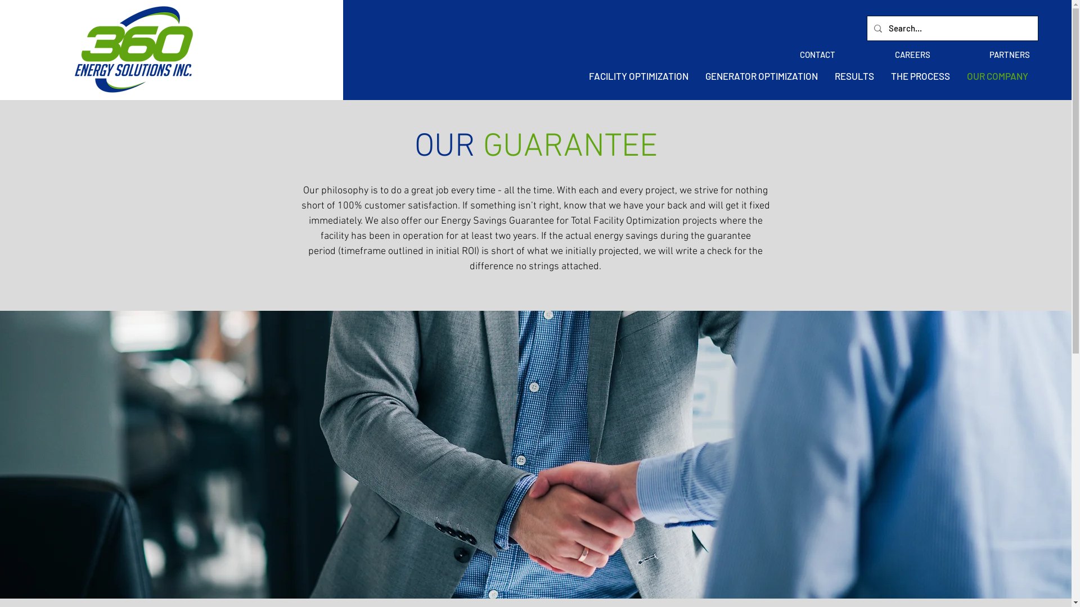 Image resolution: width=1080 pixels, height=607 pixels. What do you see at coordinates (920, 76) in the screenshot?
I see `'THE PROCESS'` at bounding box center [920, 76].